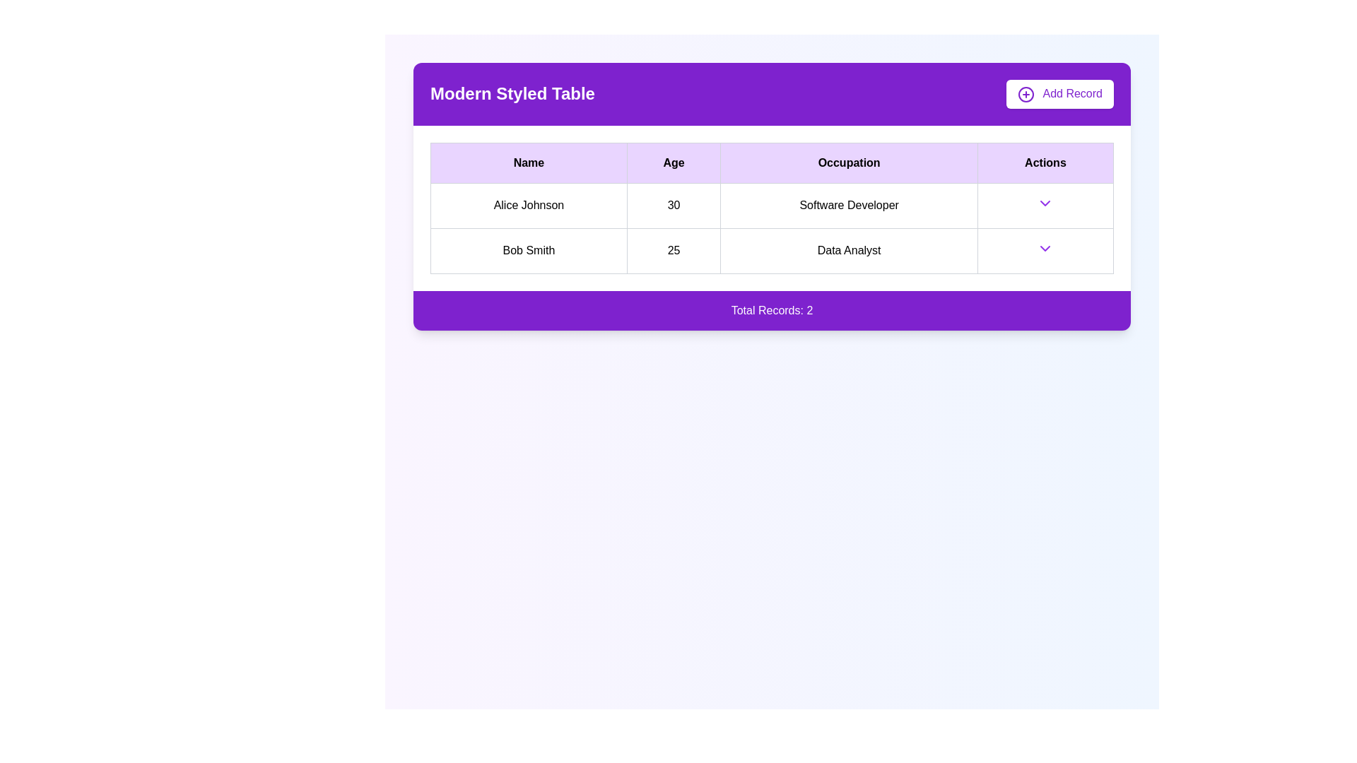 The width and height of the screenshot is (1357, 763). What do you see at coordinates (1045, 206) in the screenshot?
I see `the dropdown toggle in the 'Actions' column for the row corresponding to 'Alice Johnson', '30', and 'Software Developer'` at bounding box center [1045, 206].